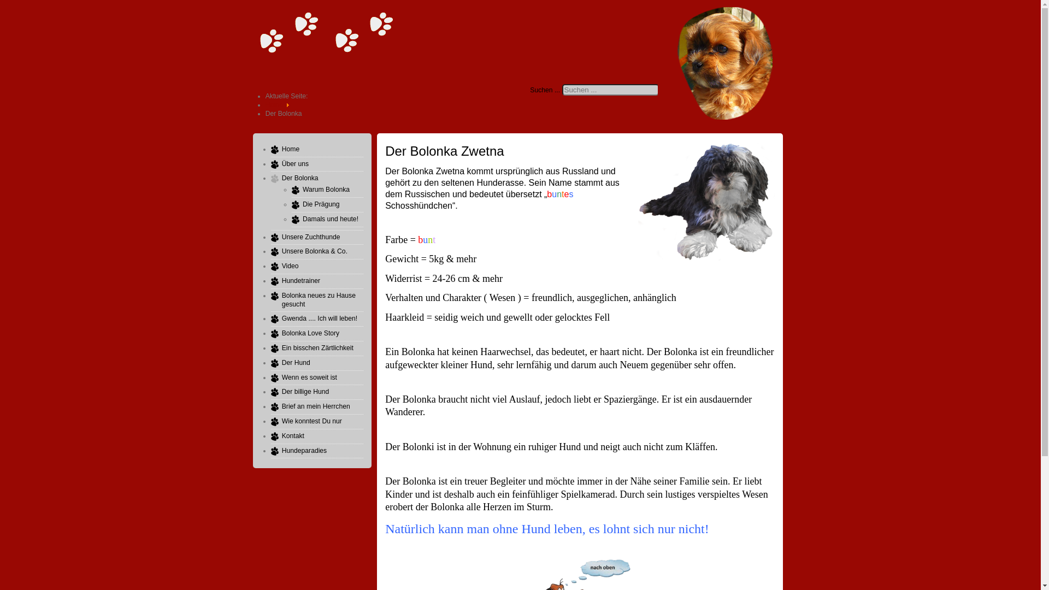  I want to click on 'Wenn es soweit ist', so click(309, 376).